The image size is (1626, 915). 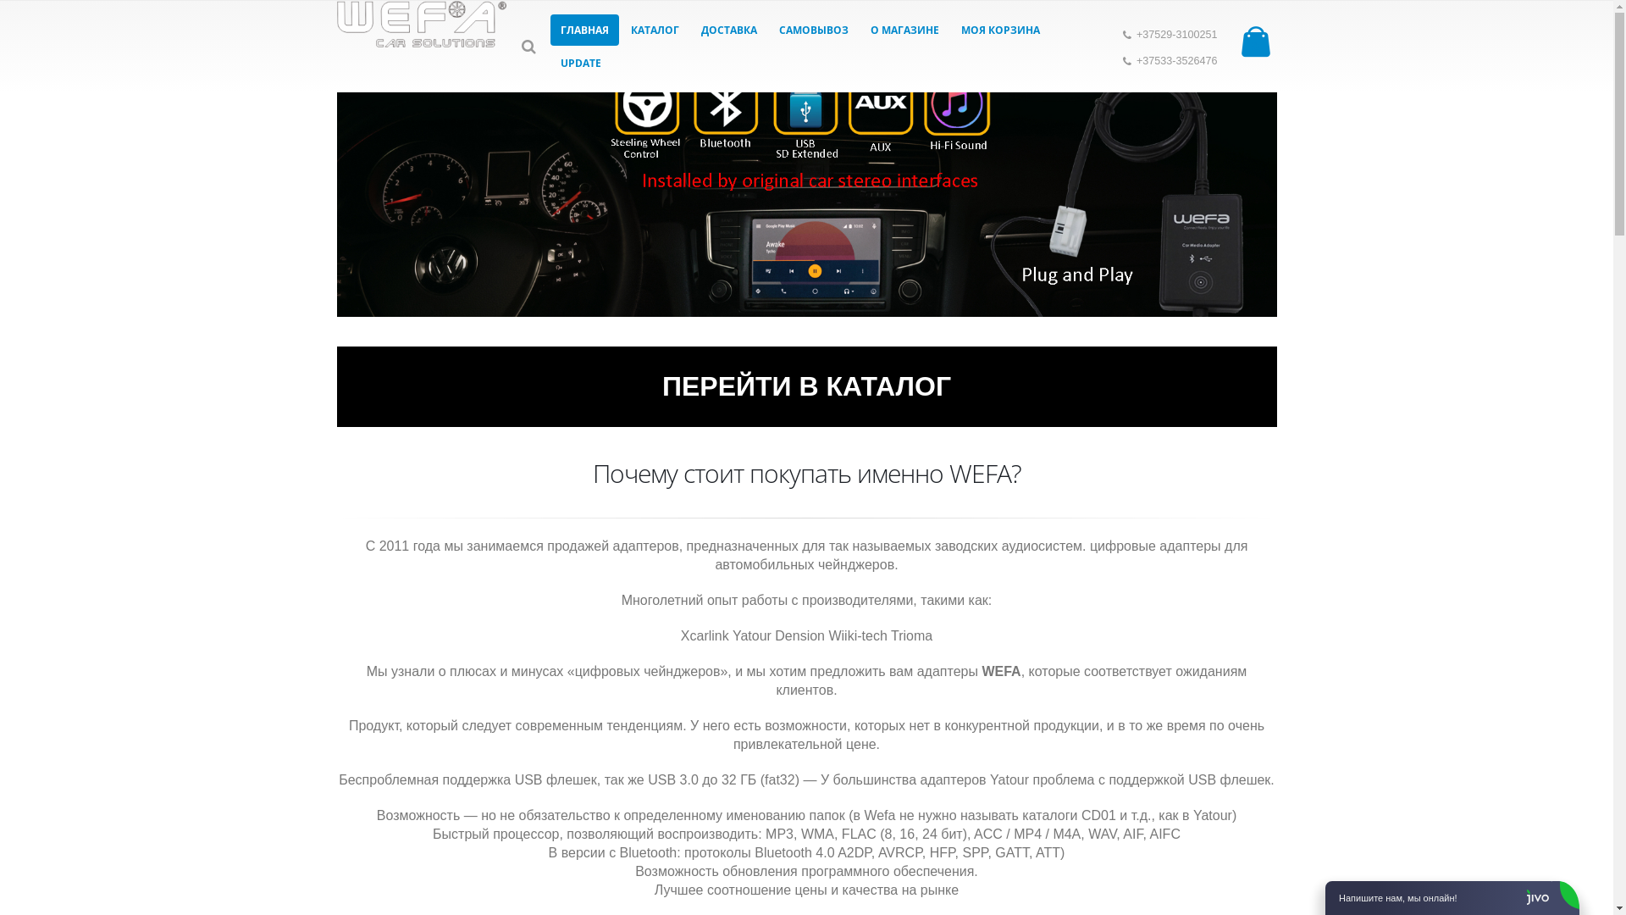 I want to click on 'UPDATE', so click(x=581, y=62).